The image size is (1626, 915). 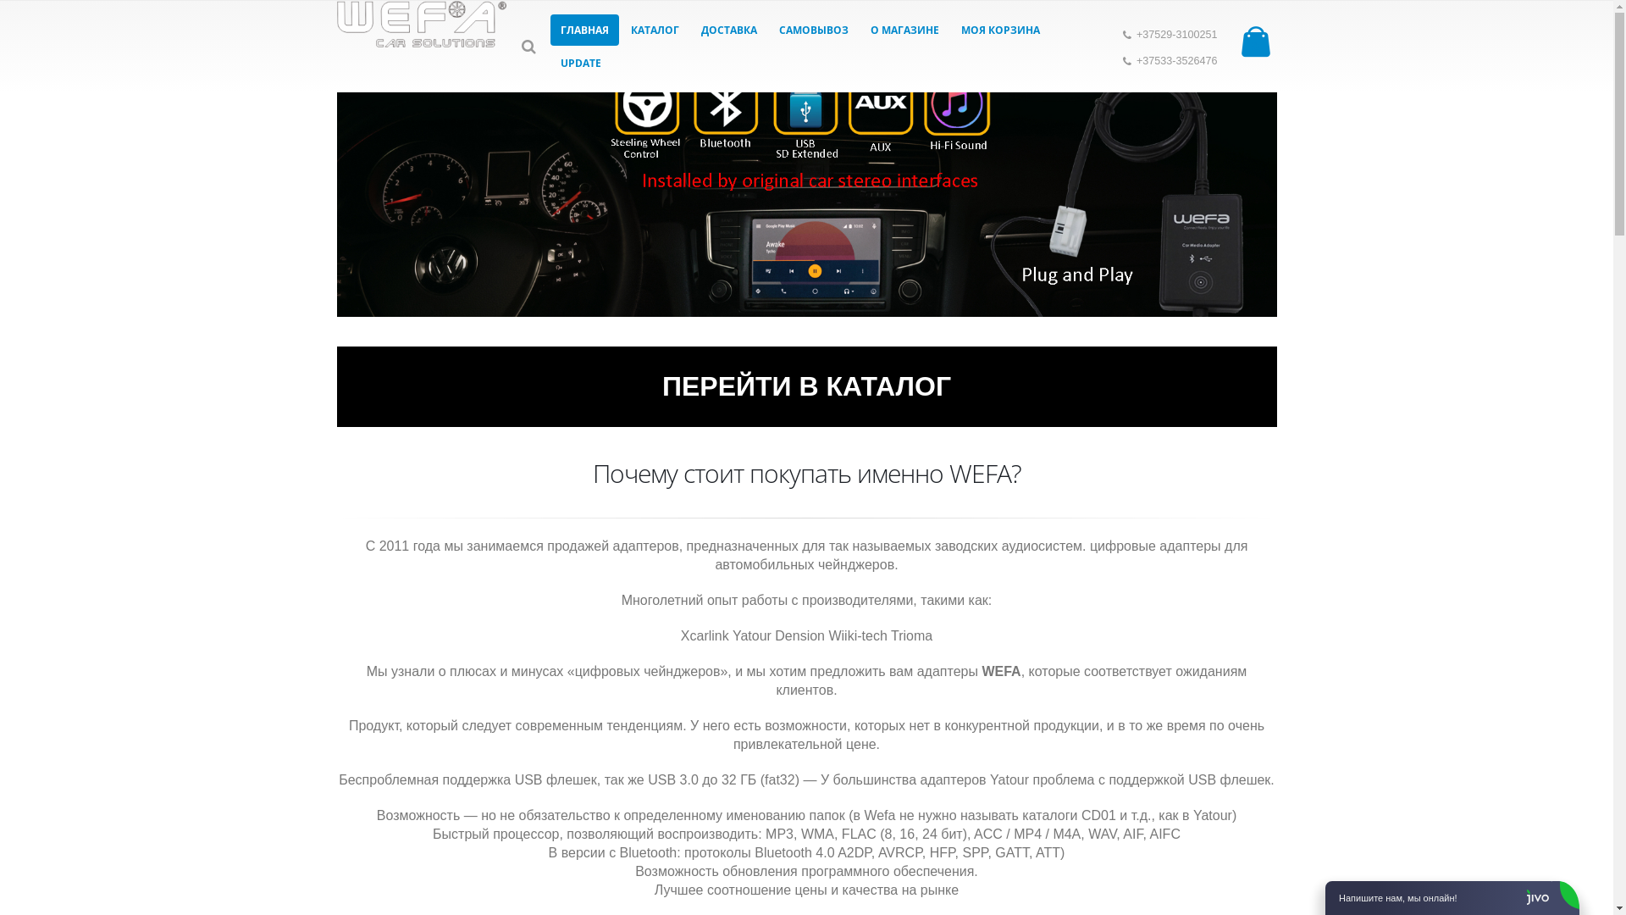 I want to click on 'UPDATE', so click(x=581, y=62).